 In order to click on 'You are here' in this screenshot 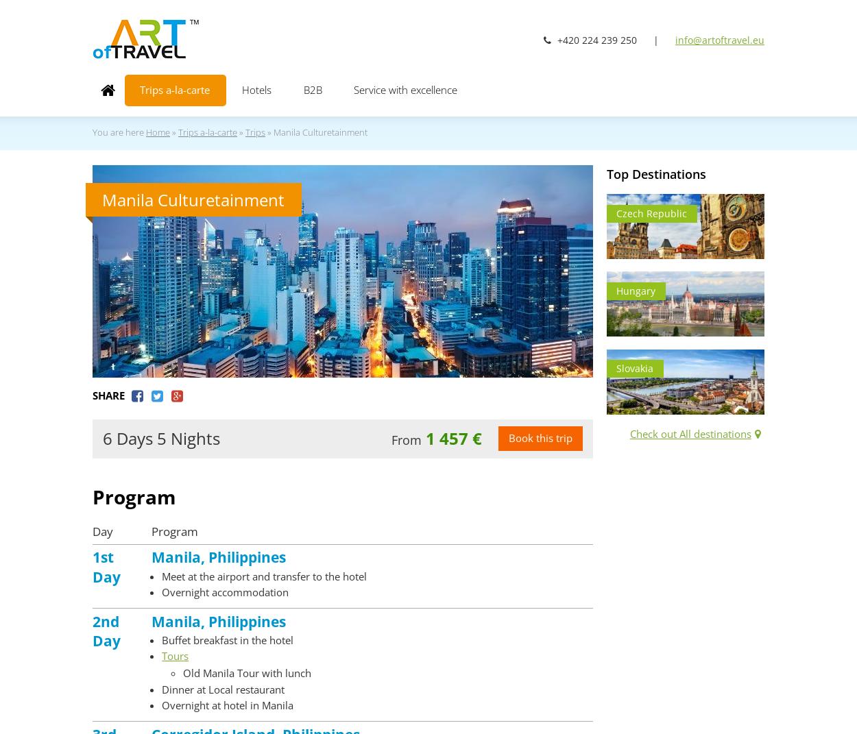, I will do `click(119, 132)`.